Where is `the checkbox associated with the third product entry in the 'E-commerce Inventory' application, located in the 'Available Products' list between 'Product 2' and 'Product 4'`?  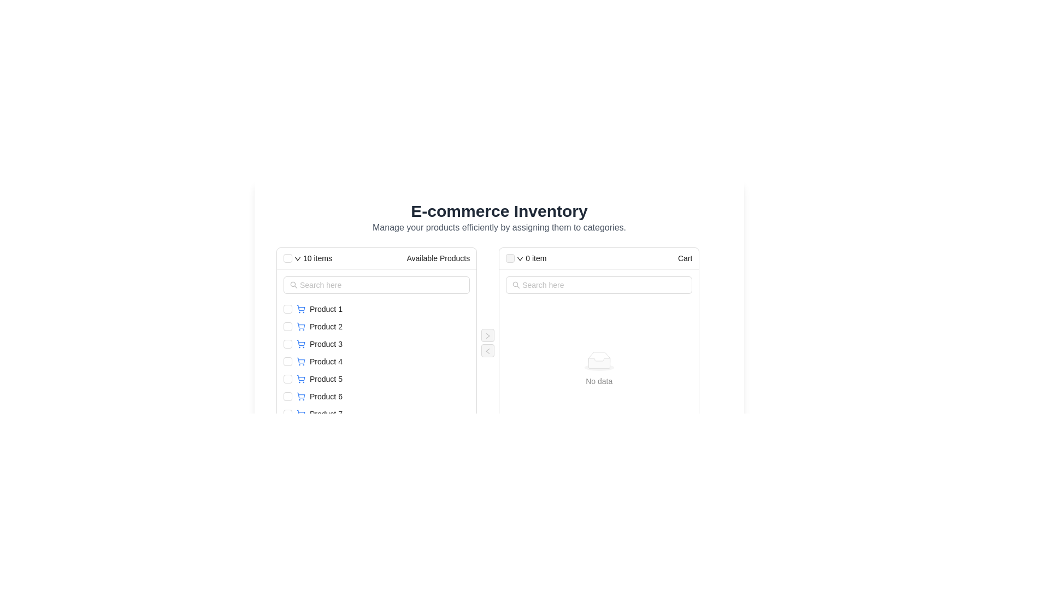
the checkbox associated with the third product entry in the 'E-commerce Inventory' application, located in the 'Available Products' list between 'Product 2' and 'Product 4' is located at coordinates (383, 343).